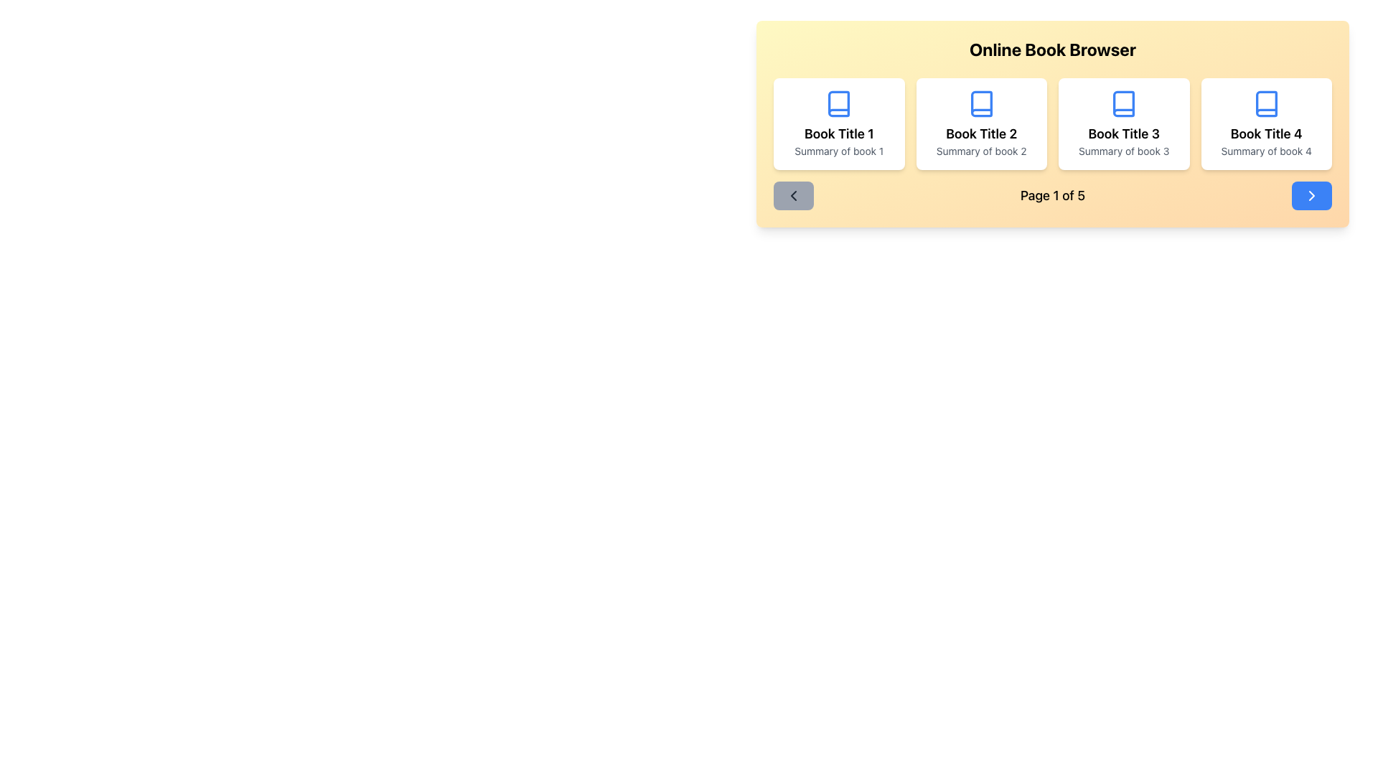 This screenshot has height=775, width=1378. What do you see at coordinates (839, 123) in the screenshot?
I see `the Information Card that features a blue book icon, bold text 'Book Title 1', and smaller gray text 'Summary of book 1', located in the top left corner of the grid` at bounding box center [839, 123].